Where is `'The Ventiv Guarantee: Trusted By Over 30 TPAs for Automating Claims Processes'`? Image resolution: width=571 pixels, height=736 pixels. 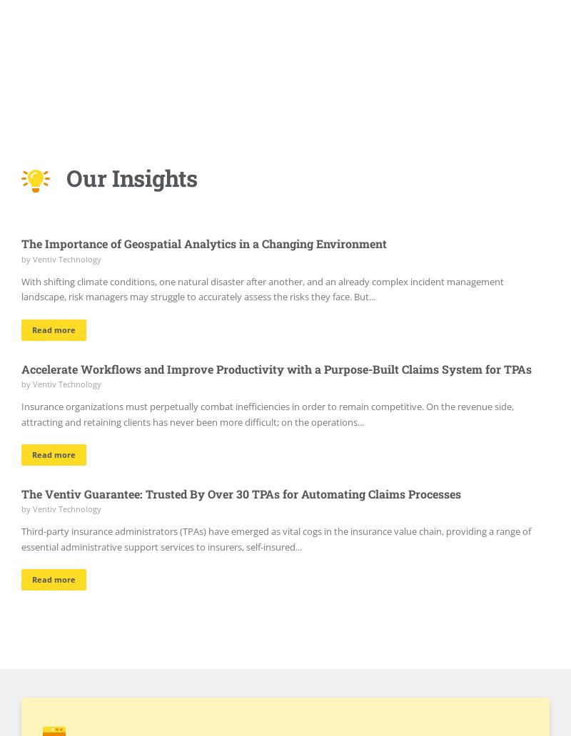
'The Ventiv Guarantee: Trusted By Over 30 TPAs for Automating Claims Processes' is located at coordinates (241, 492).